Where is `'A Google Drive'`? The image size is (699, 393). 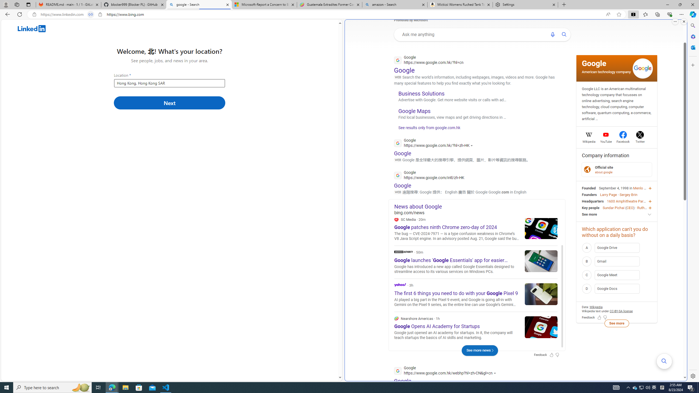
'A Google Drive' is located at coordinates (616, 248).